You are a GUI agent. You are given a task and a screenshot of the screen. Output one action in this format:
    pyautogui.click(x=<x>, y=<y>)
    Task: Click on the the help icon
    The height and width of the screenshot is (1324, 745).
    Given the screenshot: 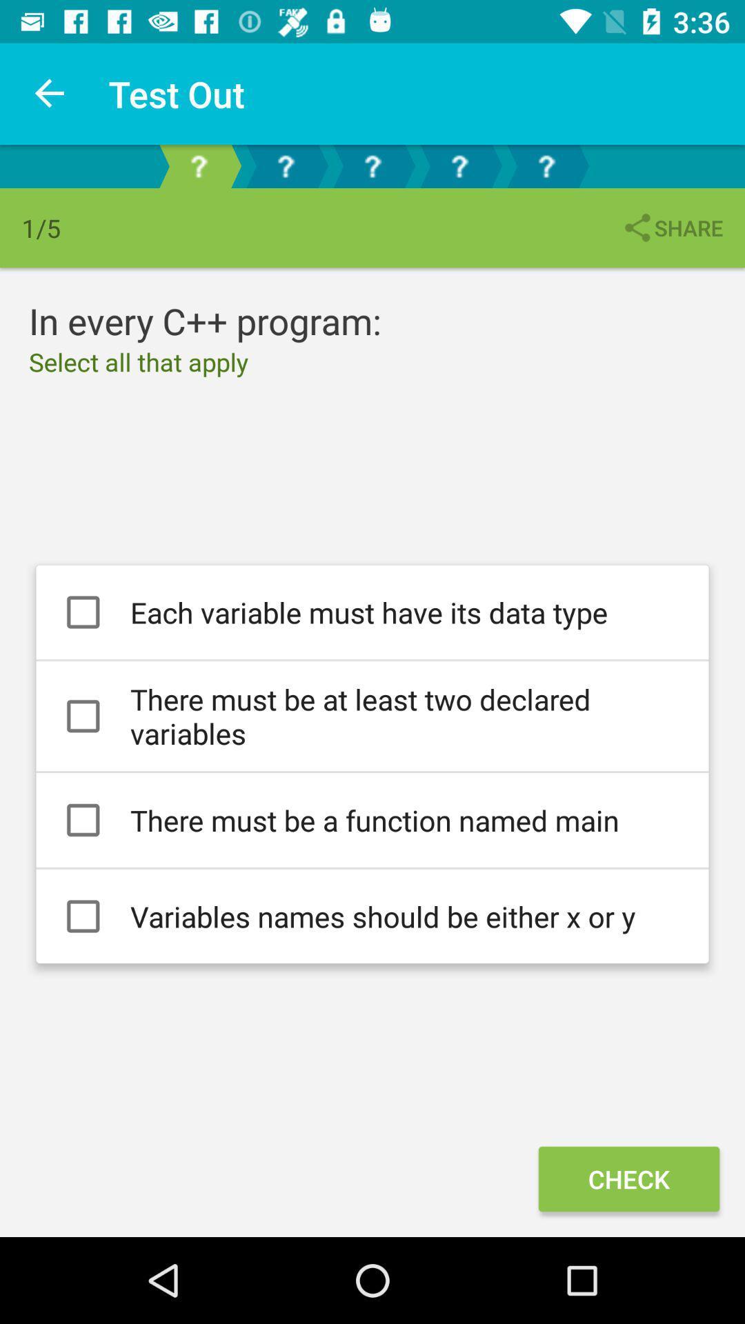 What is the action you would take?
    pyautogui.click(x=199, y=165)
    